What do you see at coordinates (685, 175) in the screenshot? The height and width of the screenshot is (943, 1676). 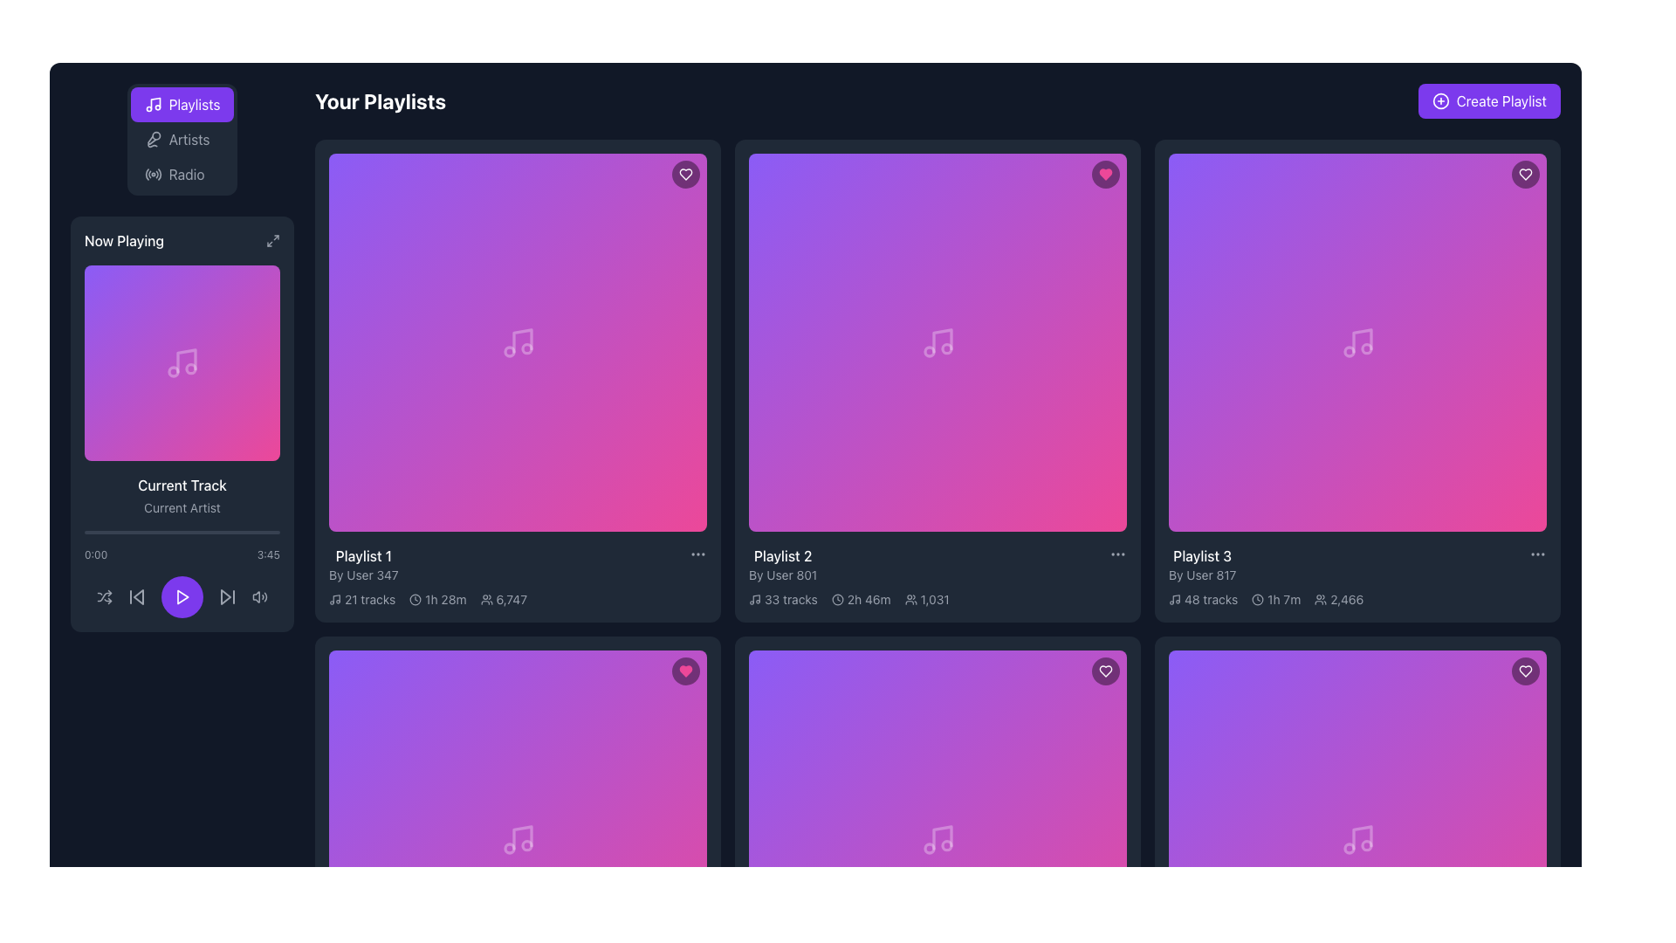 I see `the interactive favorite icon located at the top-right corner of the first playlist card in the grid` at bounding box center [685, 175].